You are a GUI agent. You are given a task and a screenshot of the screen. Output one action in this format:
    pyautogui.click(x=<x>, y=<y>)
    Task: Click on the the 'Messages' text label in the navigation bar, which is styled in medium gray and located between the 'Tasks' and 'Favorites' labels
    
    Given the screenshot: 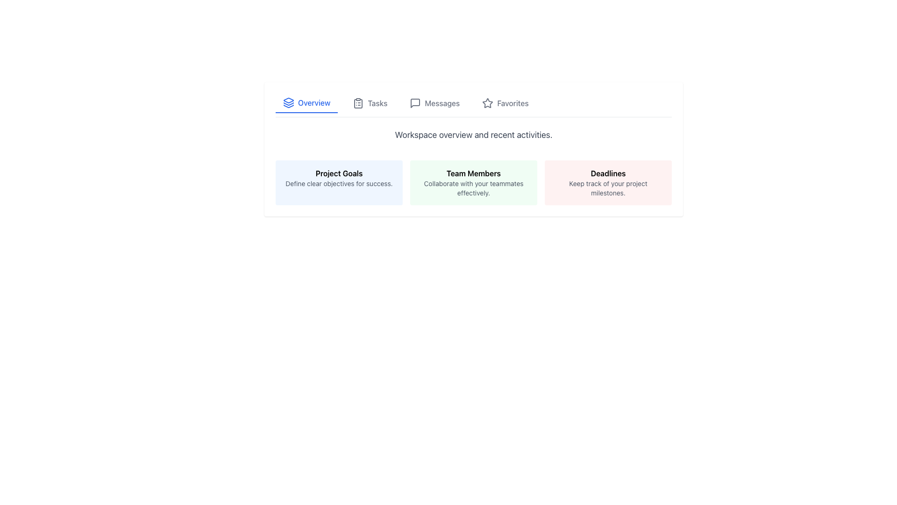 What is the action you would take?
    pyautogui.click(x=441, y=103)
    